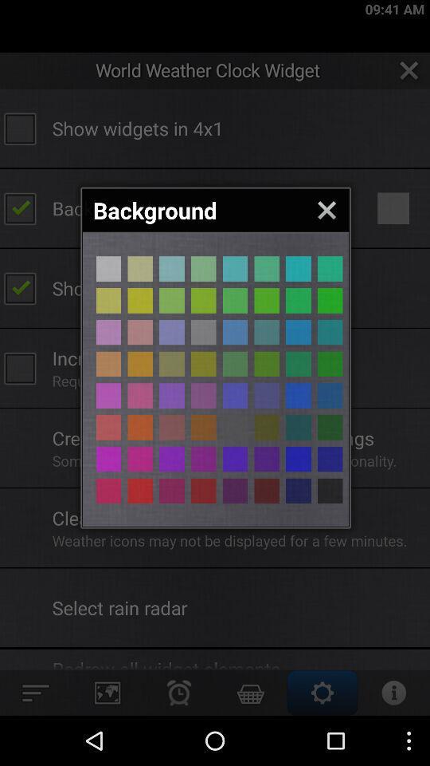 This screenshot has height=766, width=430. What do you see at coordinates (267, 426) in the screenshot?
I see `change background color` at bounding box center [267, 426].